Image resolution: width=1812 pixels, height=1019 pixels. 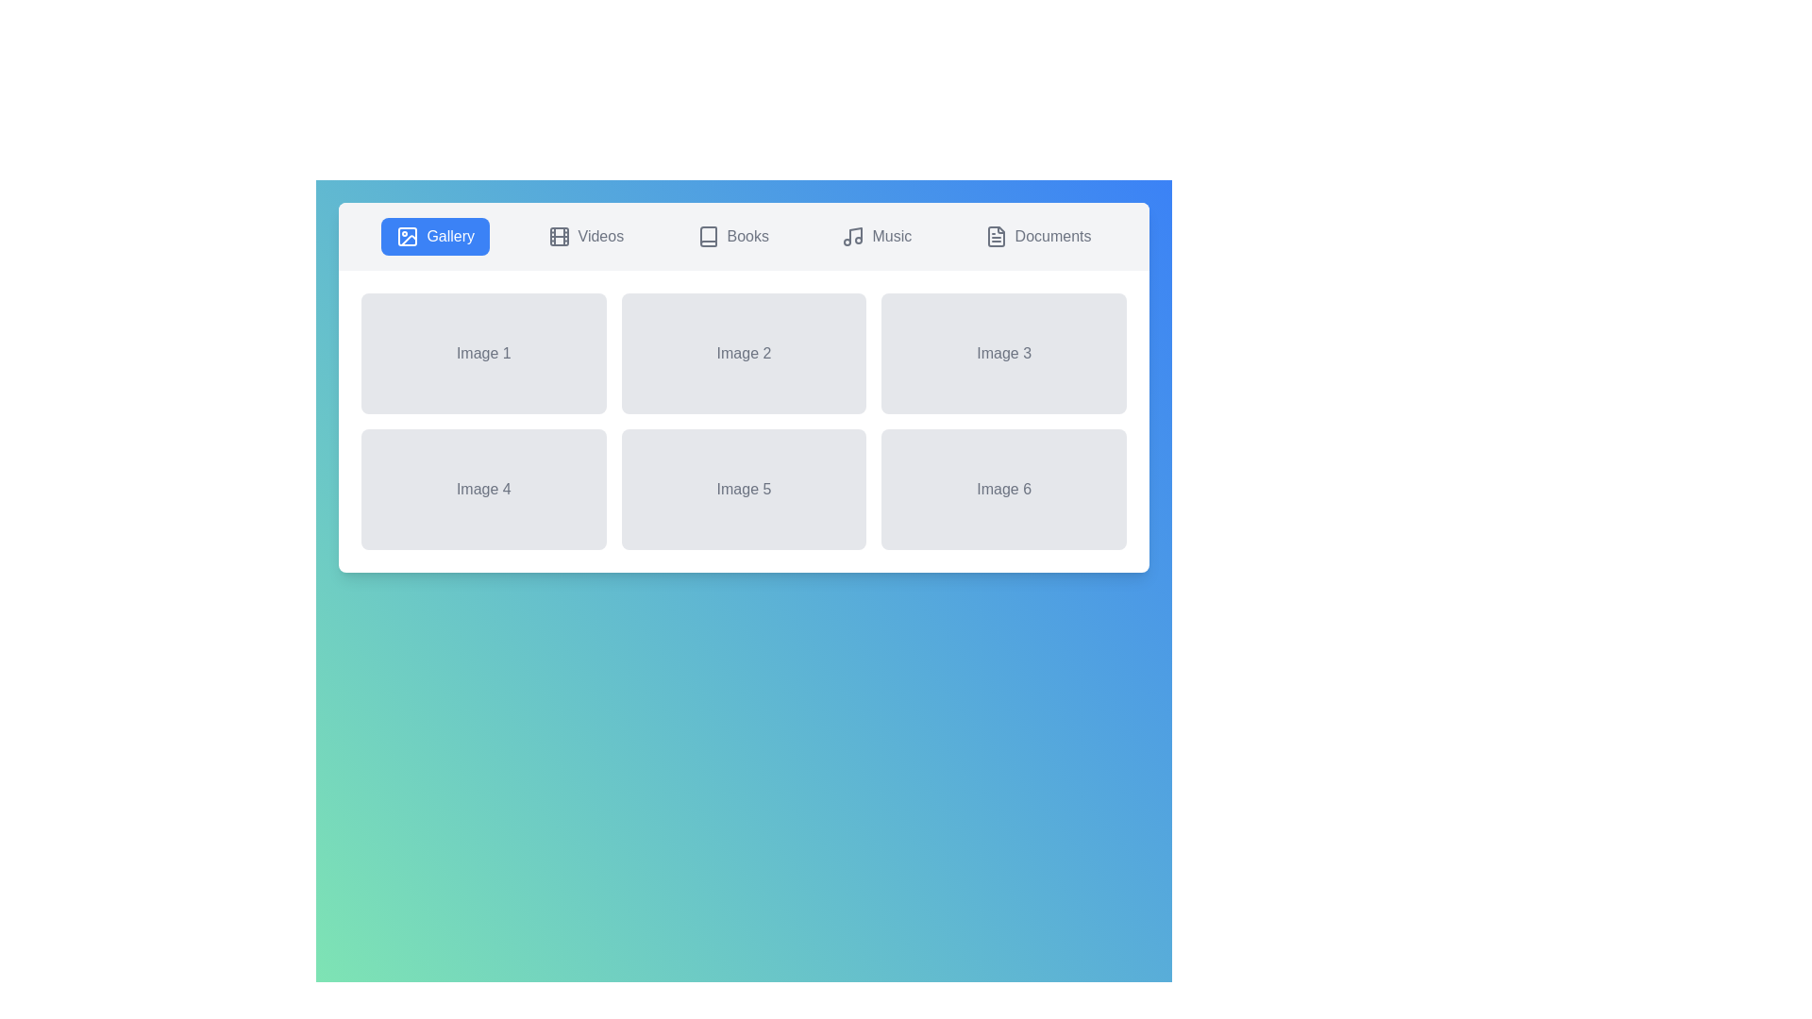 I want to click on the 'Documents' button, which is a rectangular UI element with a light gray background and a document icon, so click(x=1037, y=235).